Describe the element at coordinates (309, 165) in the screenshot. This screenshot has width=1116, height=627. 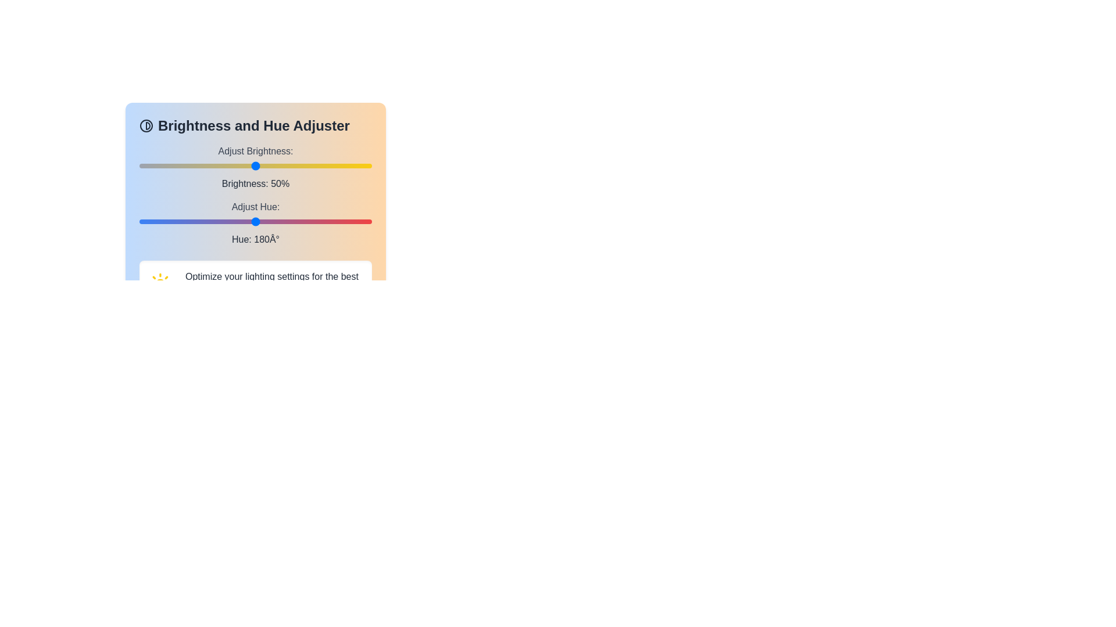
I see `the brightness slider to 73%` at that location.